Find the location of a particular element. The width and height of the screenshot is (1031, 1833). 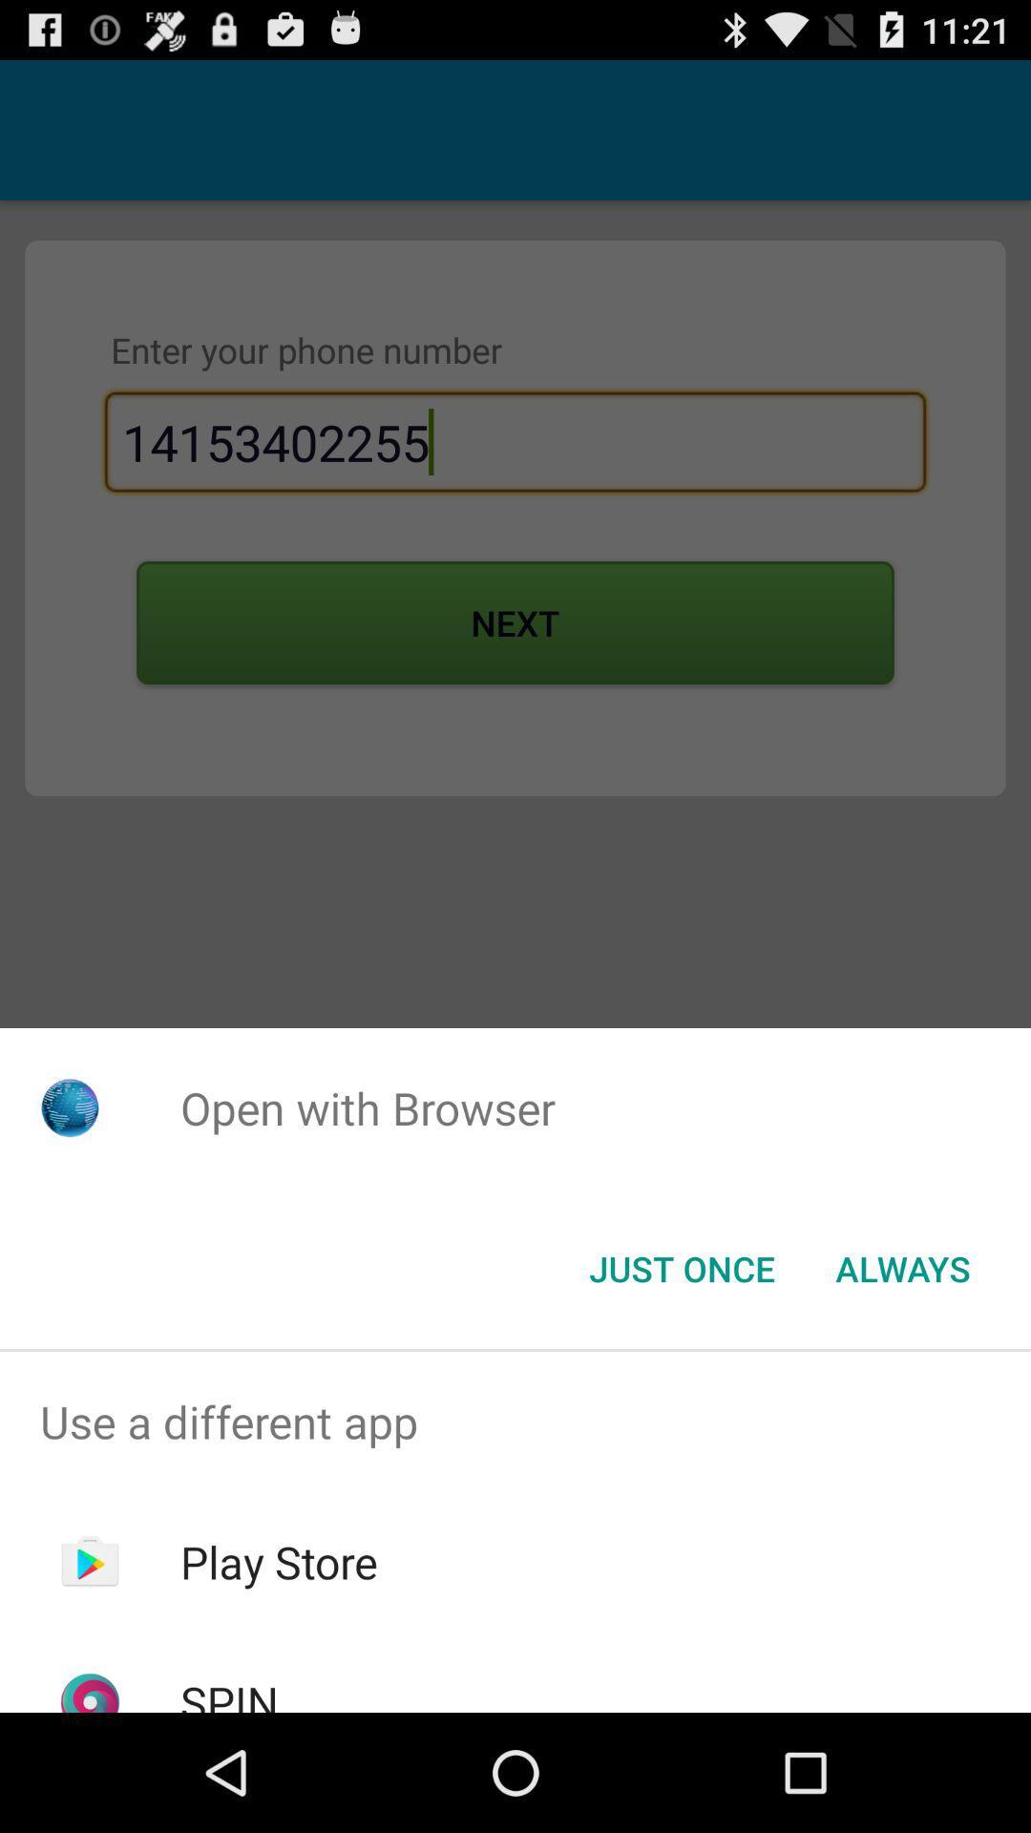

the app below use a different item is located at coordinates (279, 1562).